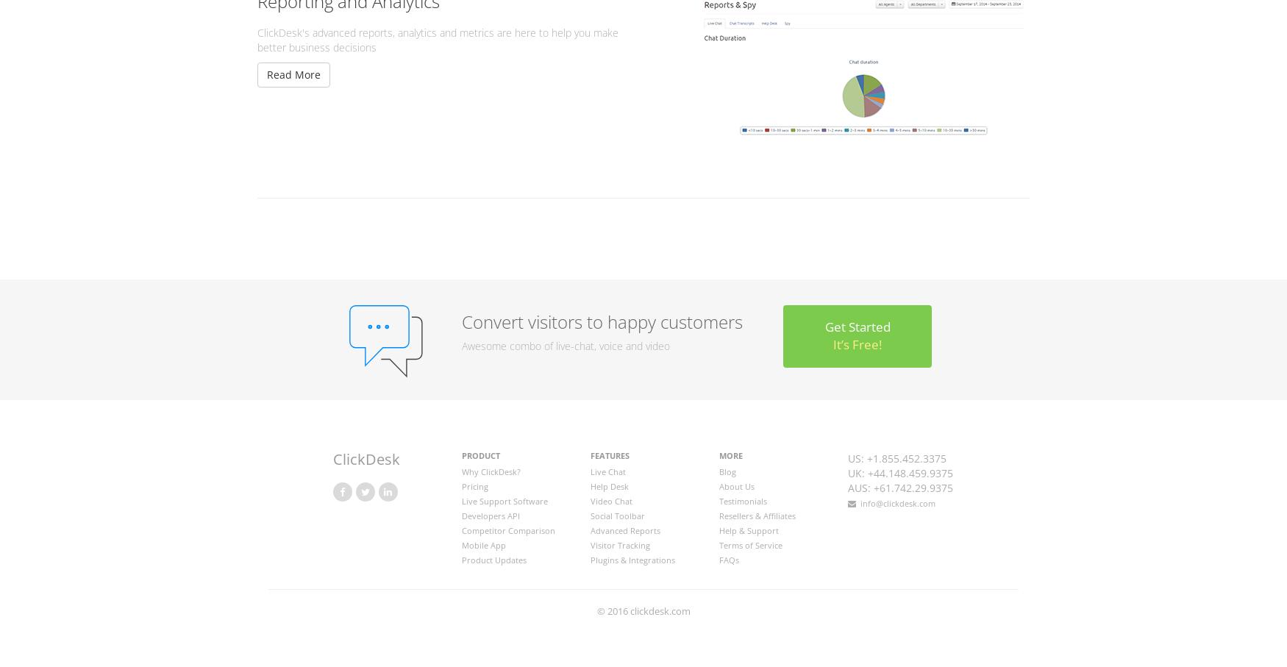 Image resolution: width=1287 pixels, height=667 pixels. I want to click on 'Live Chat', so click(607, 471).